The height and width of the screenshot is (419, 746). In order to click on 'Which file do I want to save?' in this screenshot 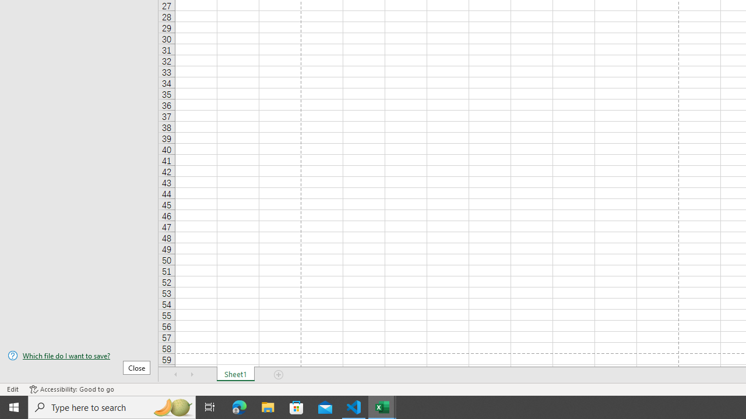, I will do `click(79, 355)`.